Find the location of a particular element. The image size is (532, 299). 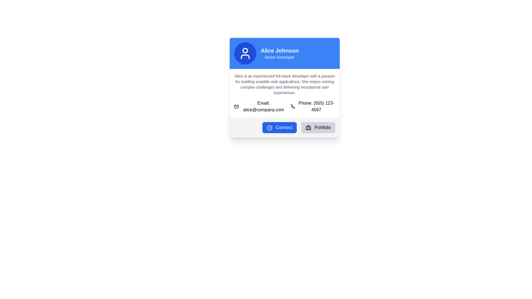

the decorative element within the email icon on the user's contact card, which is positioned towards the left near the email text is located at coordinates (236, 107).